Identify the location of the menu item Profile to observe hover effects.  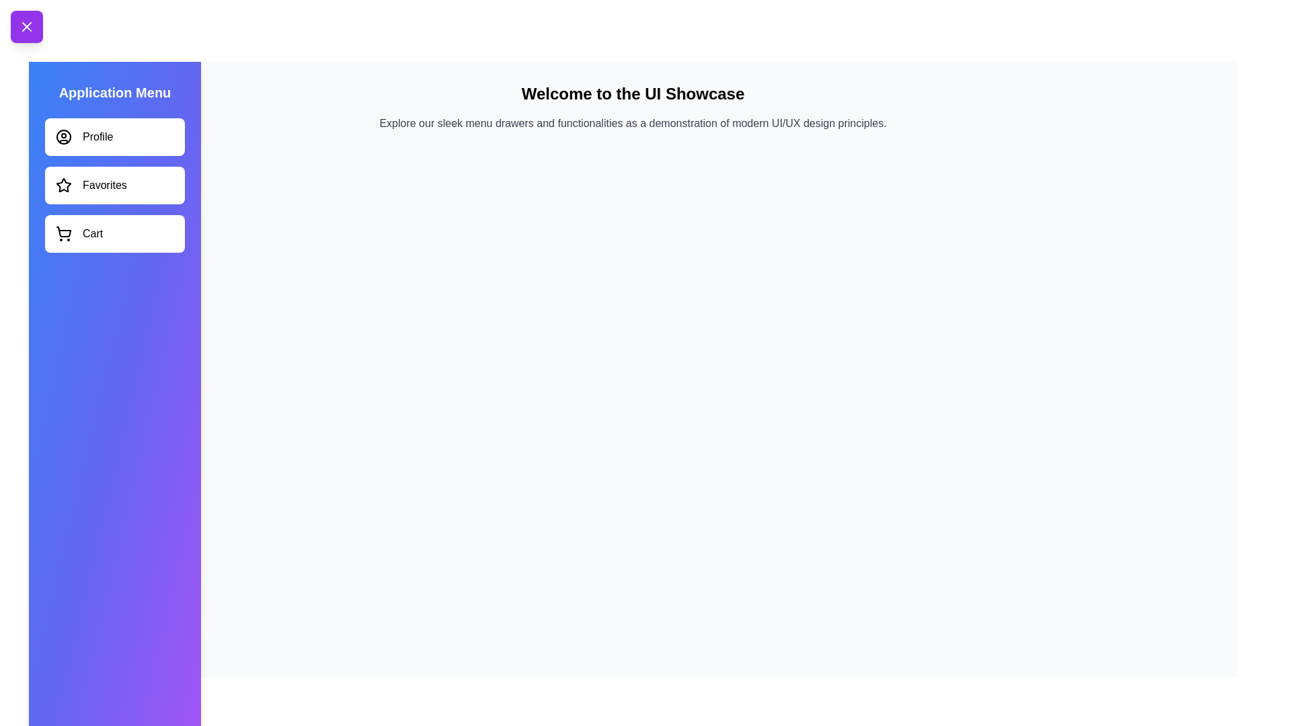
(115, 137).